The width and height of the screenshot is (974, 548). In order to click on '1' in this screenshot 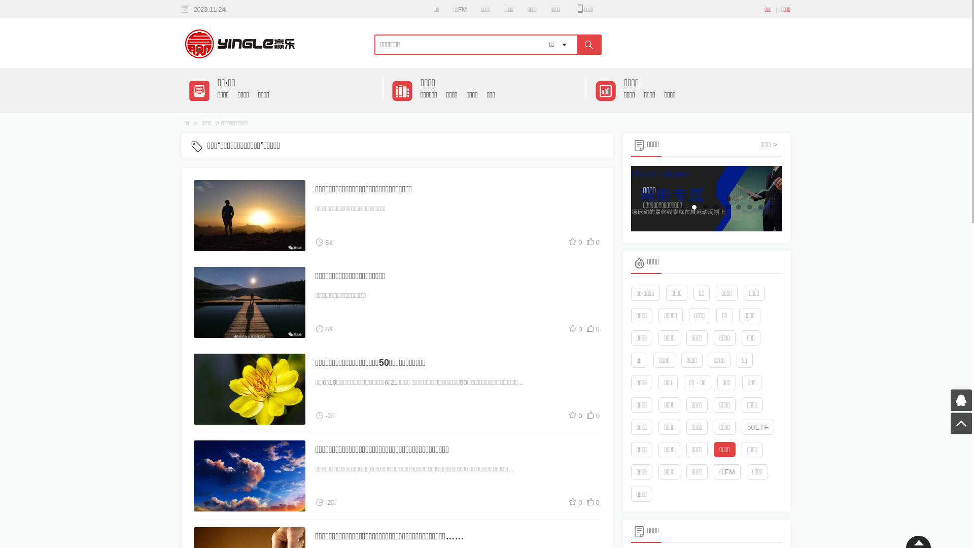, I will do `click(649, 207)`.